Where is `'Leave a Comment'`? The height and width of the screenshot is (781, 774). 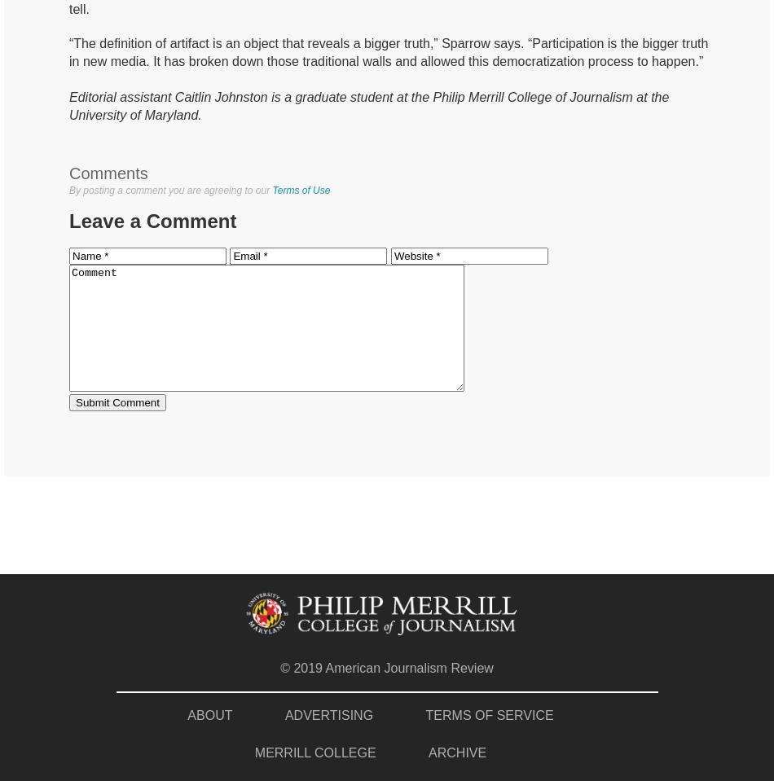
'Leave a Comment' is located at coordinates (152, 220).